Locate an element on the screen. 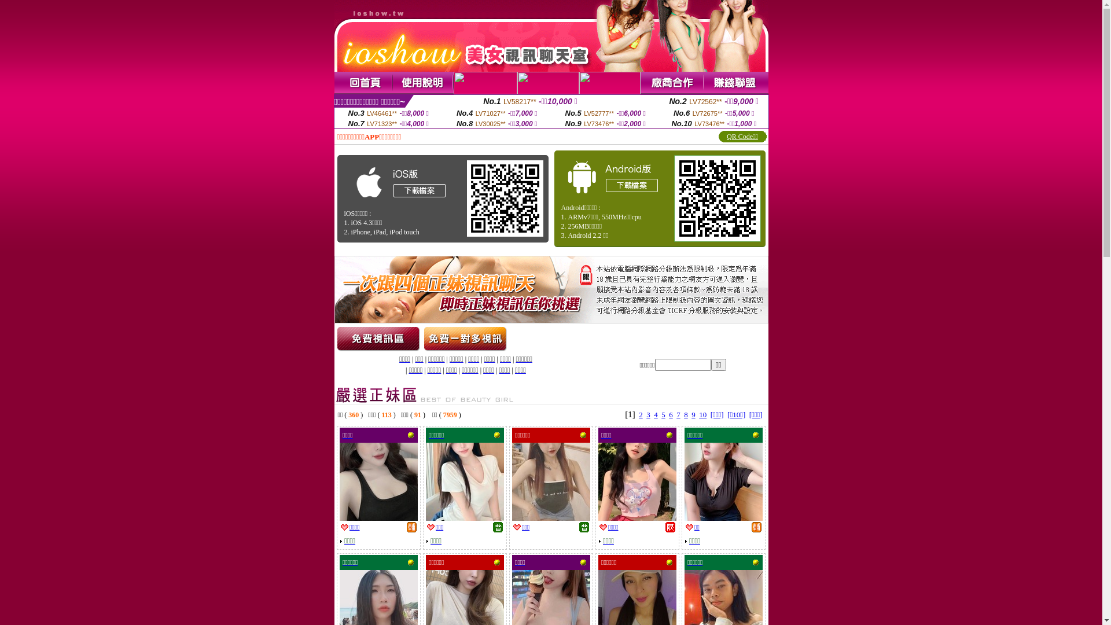 This screenshot has width=1111, height=625. '10' is located at coordinates (698, 414).